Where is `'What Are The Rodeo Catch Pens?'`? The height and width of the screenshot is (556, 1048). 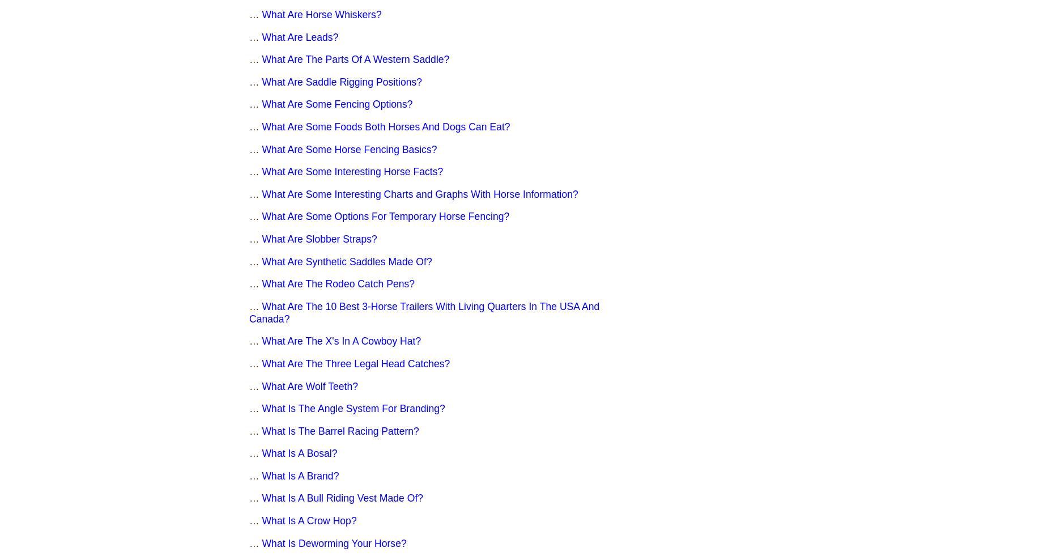 'What Are The Rodeo Catch Pens?' is located at coordinates (261, 283).